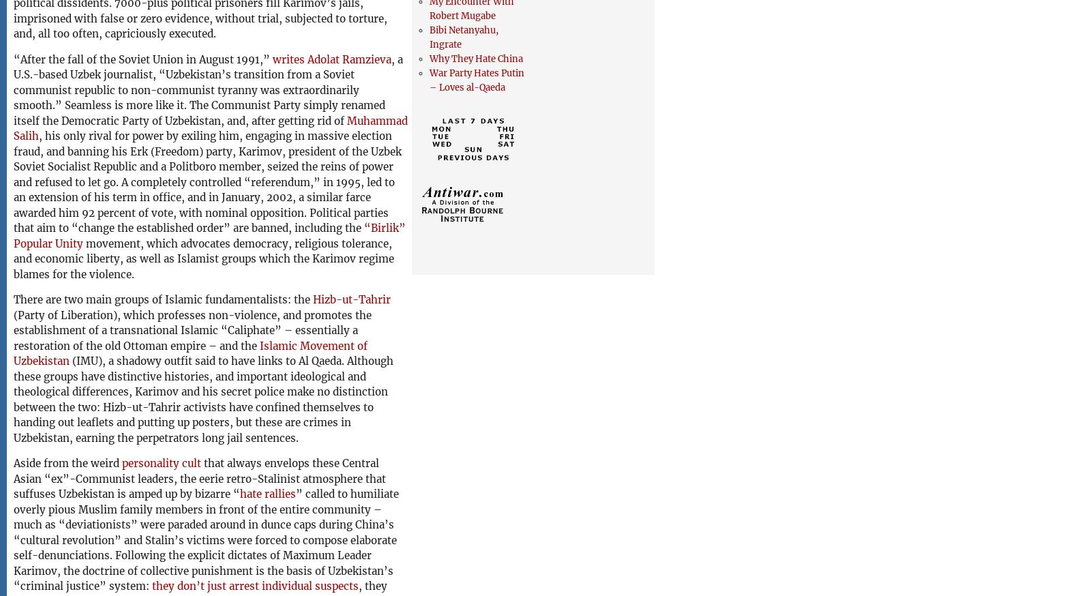  What do you see at coordinates (204, 258) in the screenshot?
I see `'movement, which advocates democracy, religious tolerance, and economic liberty, as well as Islamist groups which the Karimov regime blames for the violence.'` at bounding box center [204, 258].